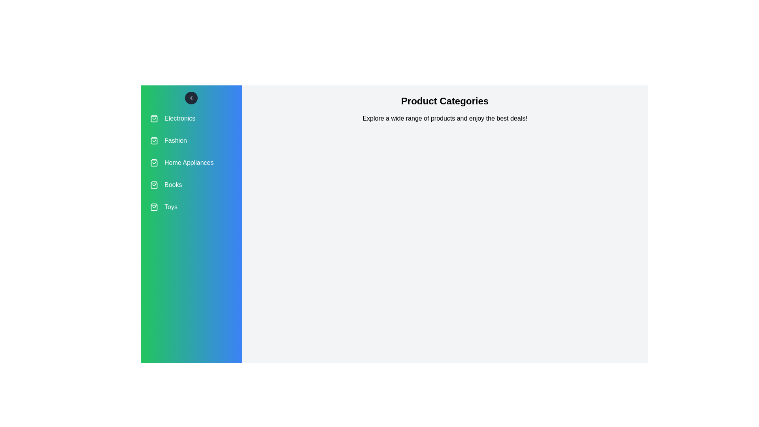 This screenshot has width=759, height=427. Describe the element at coordinates (191, 140) in the screenshot. I see `the category Fashion from the list` at that location.